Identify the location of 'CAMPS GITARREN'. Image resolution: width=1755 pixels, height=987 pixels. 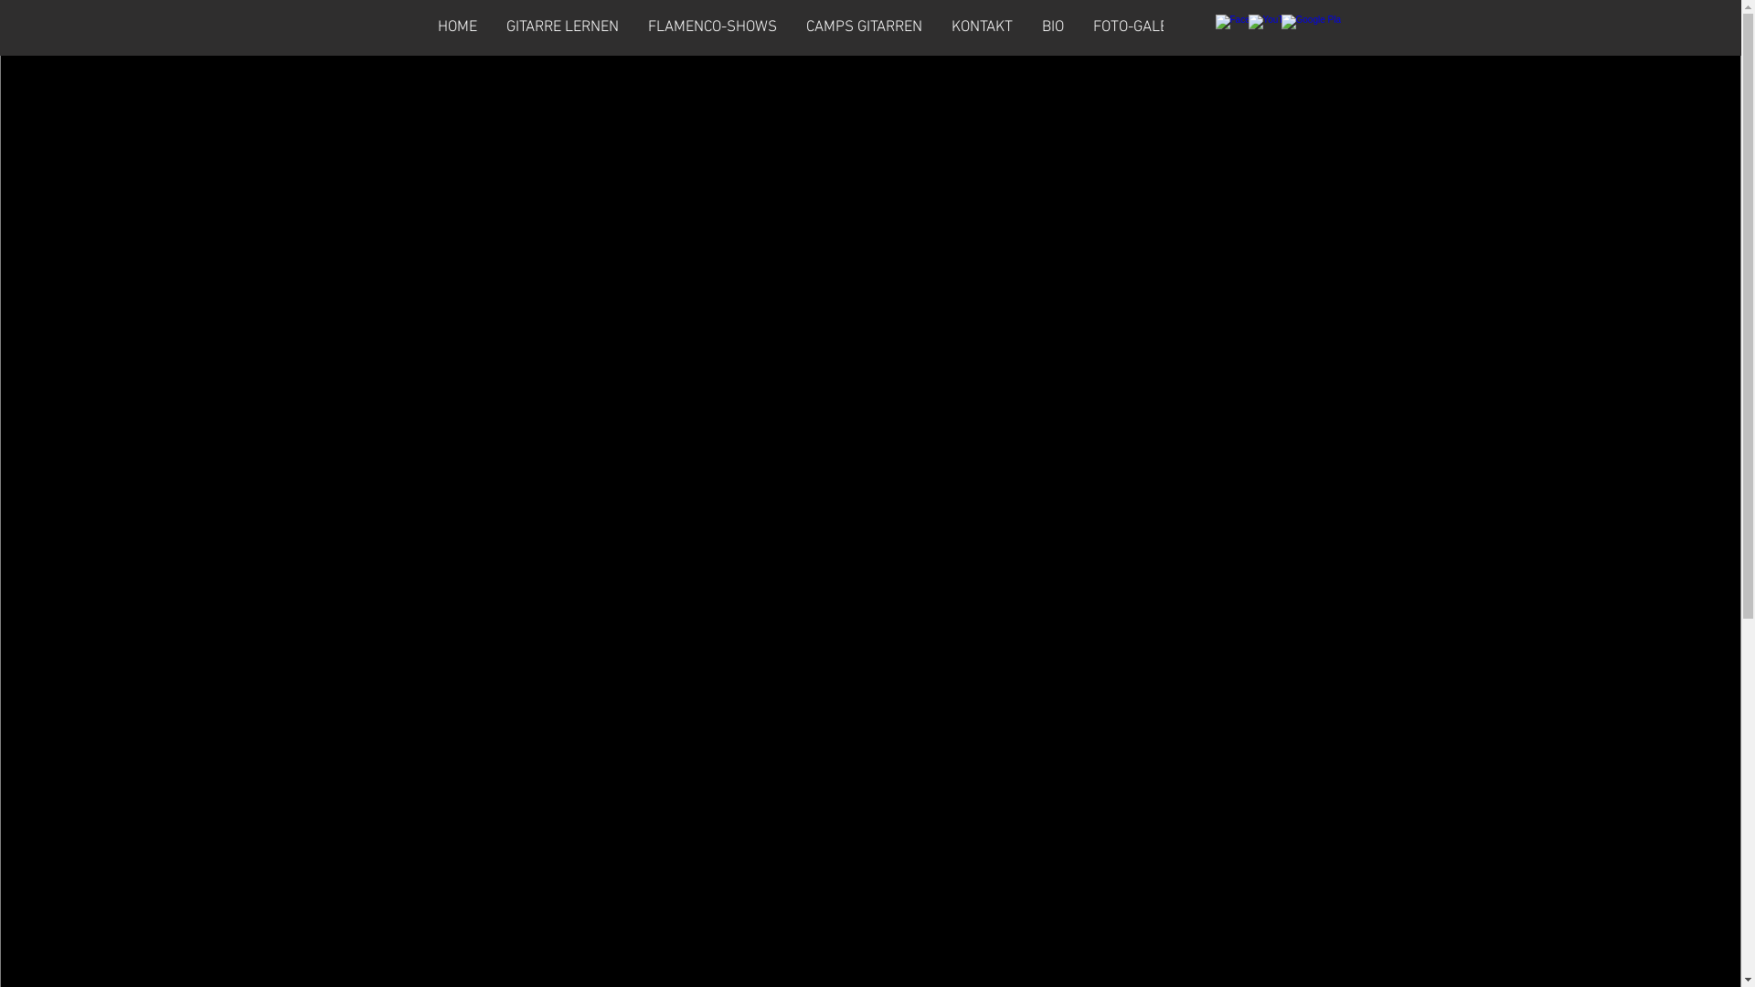
(791, 28).